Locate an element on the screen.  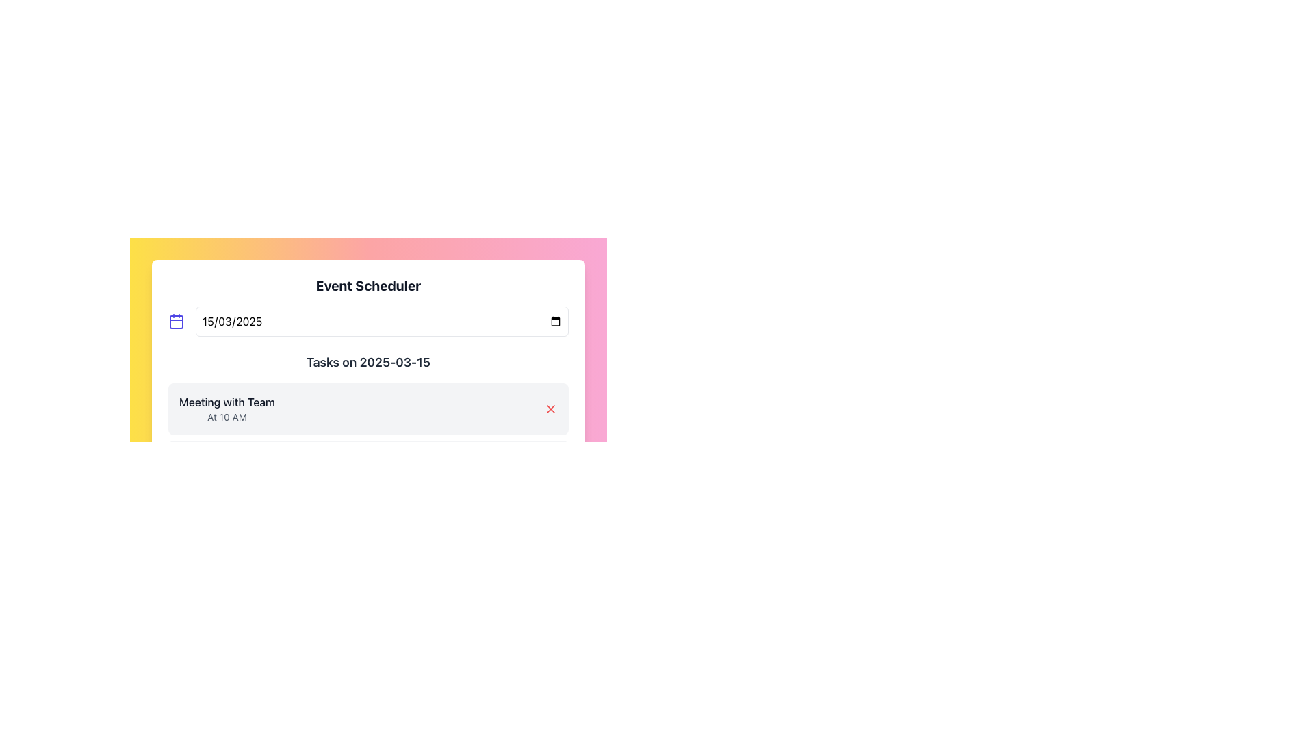
the Decorative Rectangle, which is a rounded indigo rectangle located at the center of the calendar icon, positioned to the left of the date input field displaying '15/03/2025' is located at coordinates (176, 322).